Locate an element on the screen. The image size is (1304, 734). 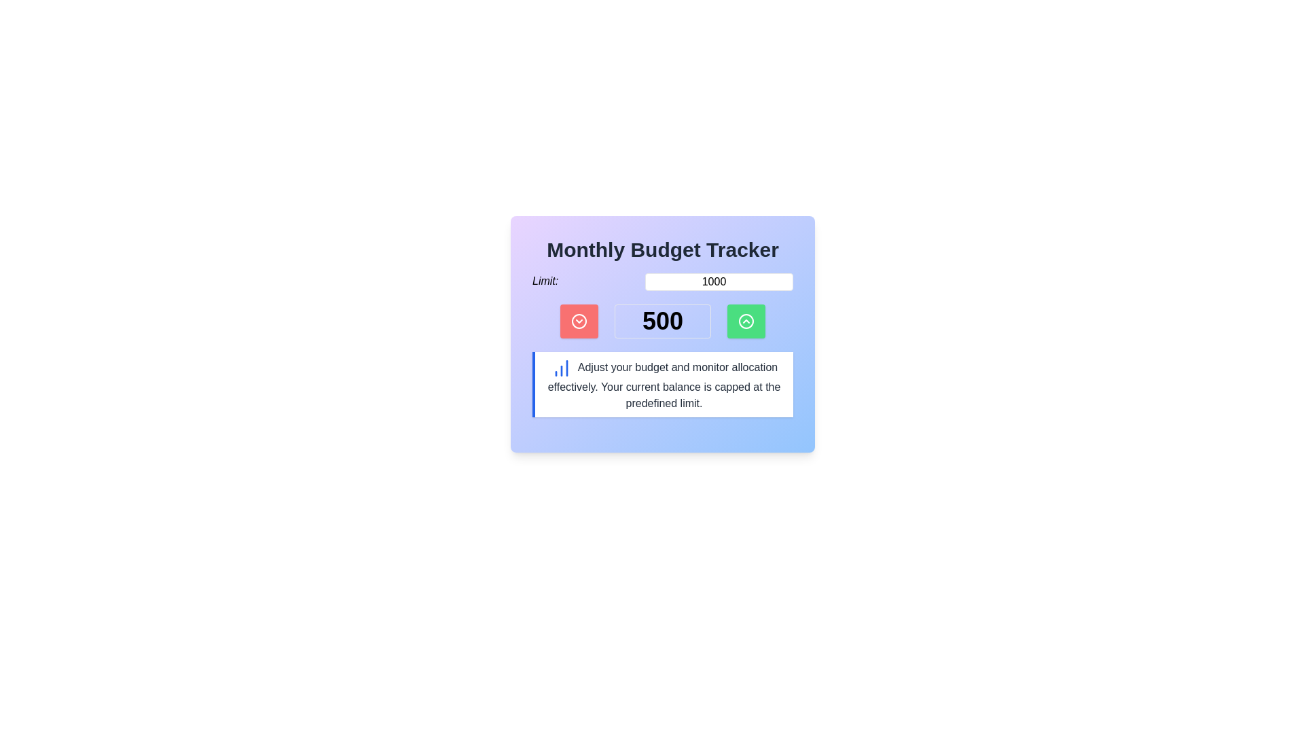
the green button with a white circular chevron icon, which is the third button in a horizontal row is located at coordinates (746, 321).